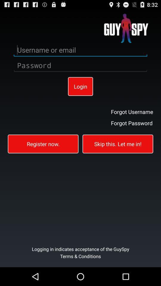 Image resolution: width=161 pixels, height=286 pixels. I want to click on item below the logging in indicates item, so click(80, 260).